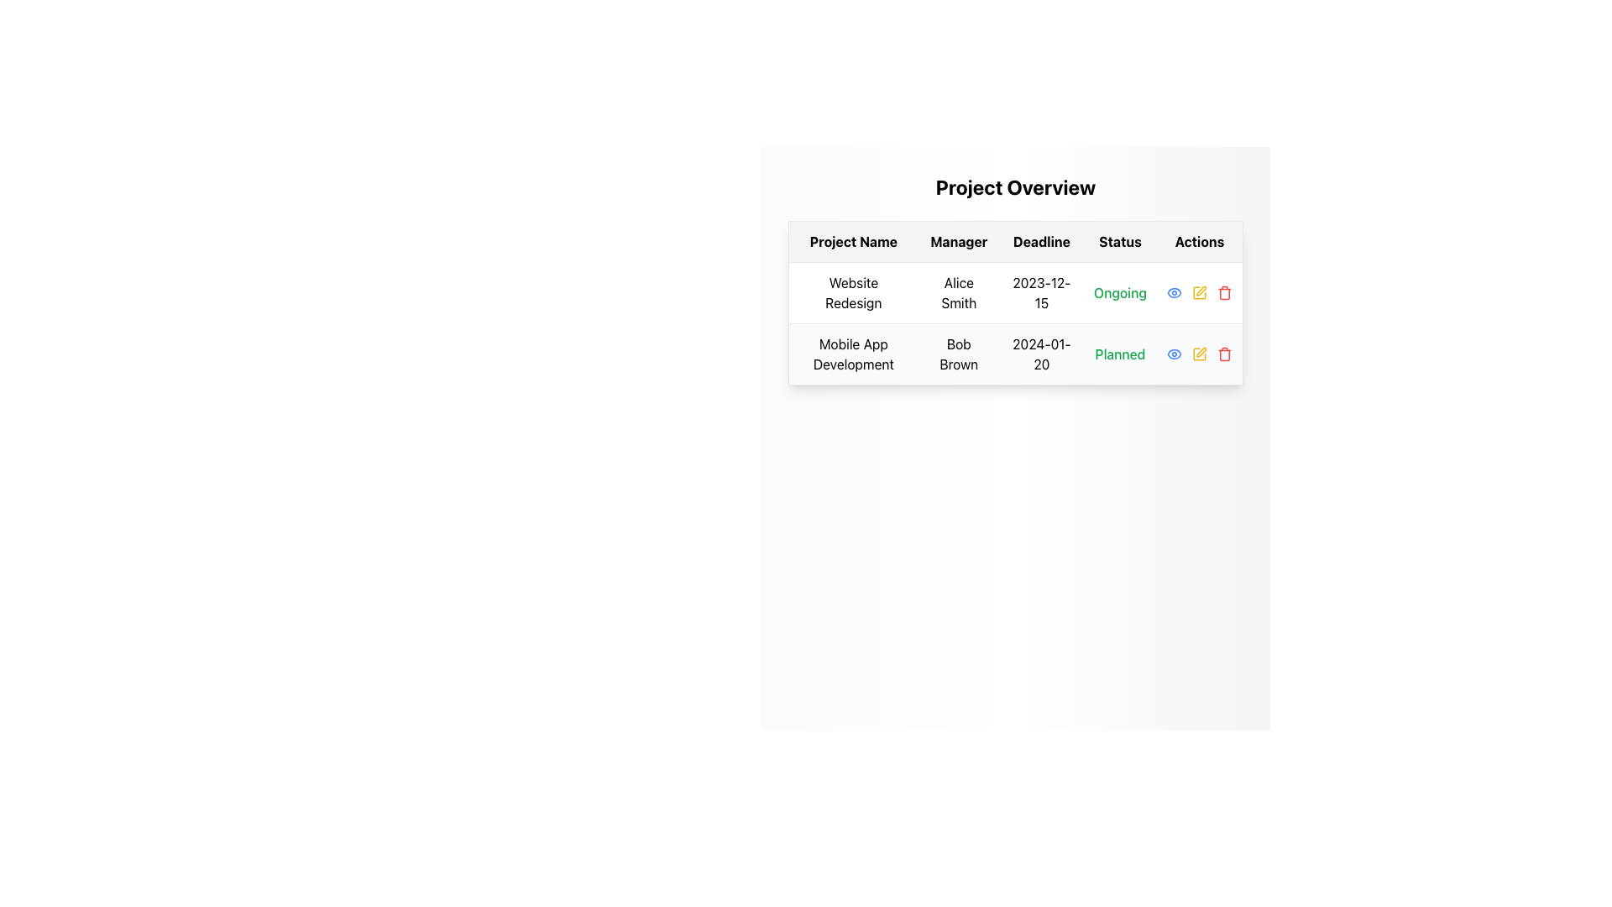 Image resolution: width=1612 pixels, height=907 pixels. I want to click on the text block displaying the title 'Website Redesign' located in the 'Project Name' column of the table, so click(853, 291).